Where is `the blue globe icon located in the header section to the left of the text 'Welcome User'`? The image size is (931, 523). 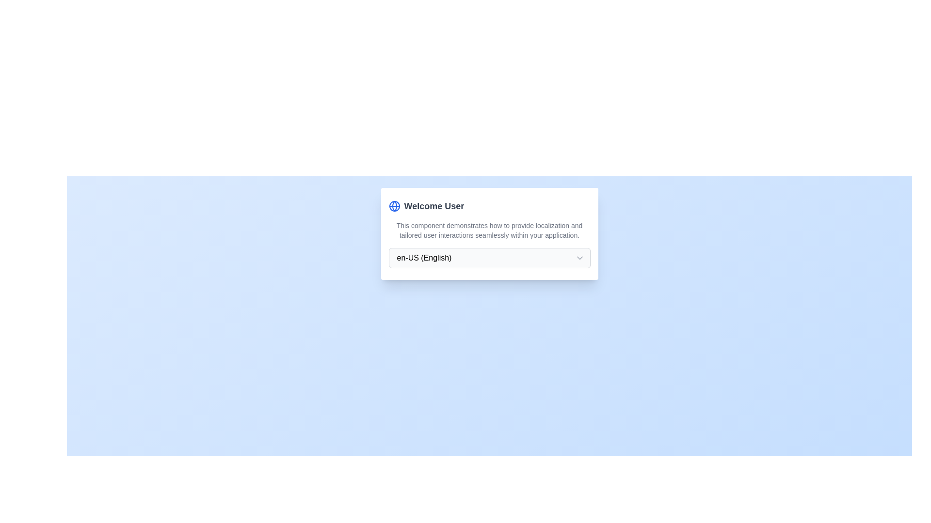
the blue globe icon located in the header section to the left of the text 'Welcome User' is located at coordinates (394, 205).